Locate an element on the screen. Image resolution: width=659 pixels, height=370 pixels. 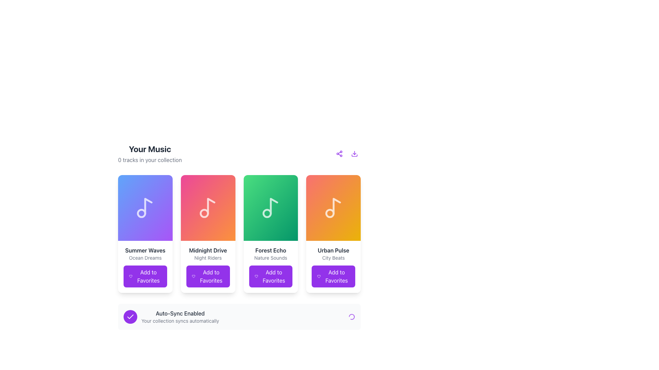
the static text element displaying 'Ocean Dreams' which is located under 'Summer Waves' and above the 'Add to Favorites' button within the first card of a horizontal list is located at coordinates (145, 258).